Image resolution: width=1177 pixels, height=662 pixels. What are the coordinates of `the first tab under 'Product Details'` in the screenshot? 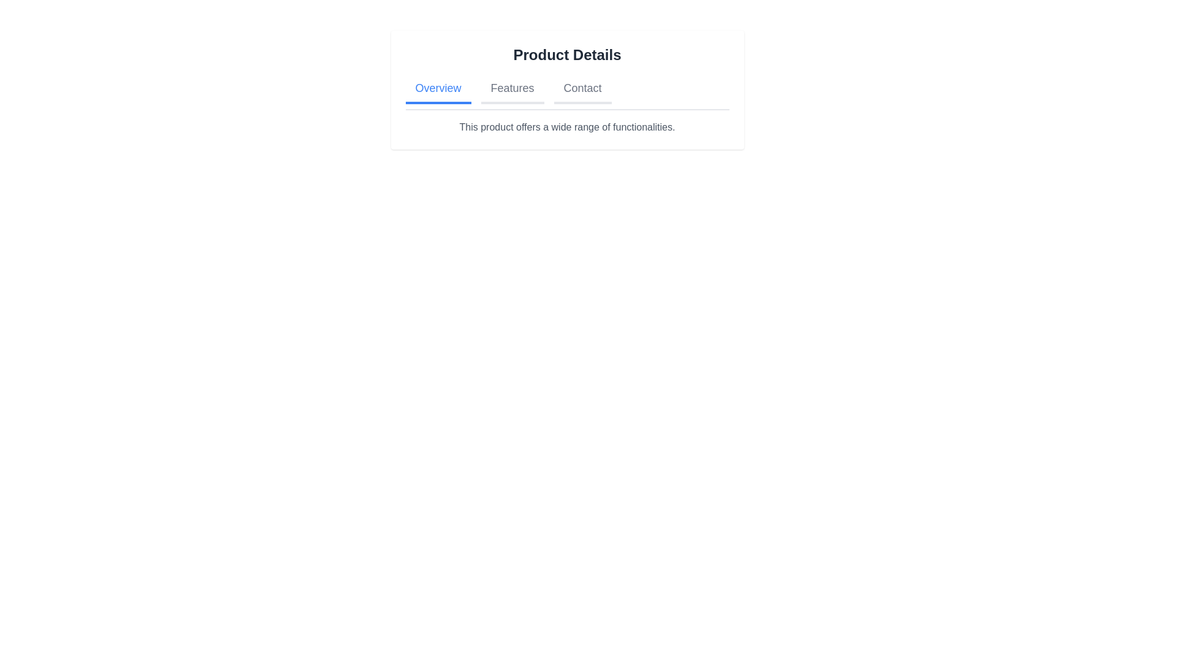 It's located at (438, 89).